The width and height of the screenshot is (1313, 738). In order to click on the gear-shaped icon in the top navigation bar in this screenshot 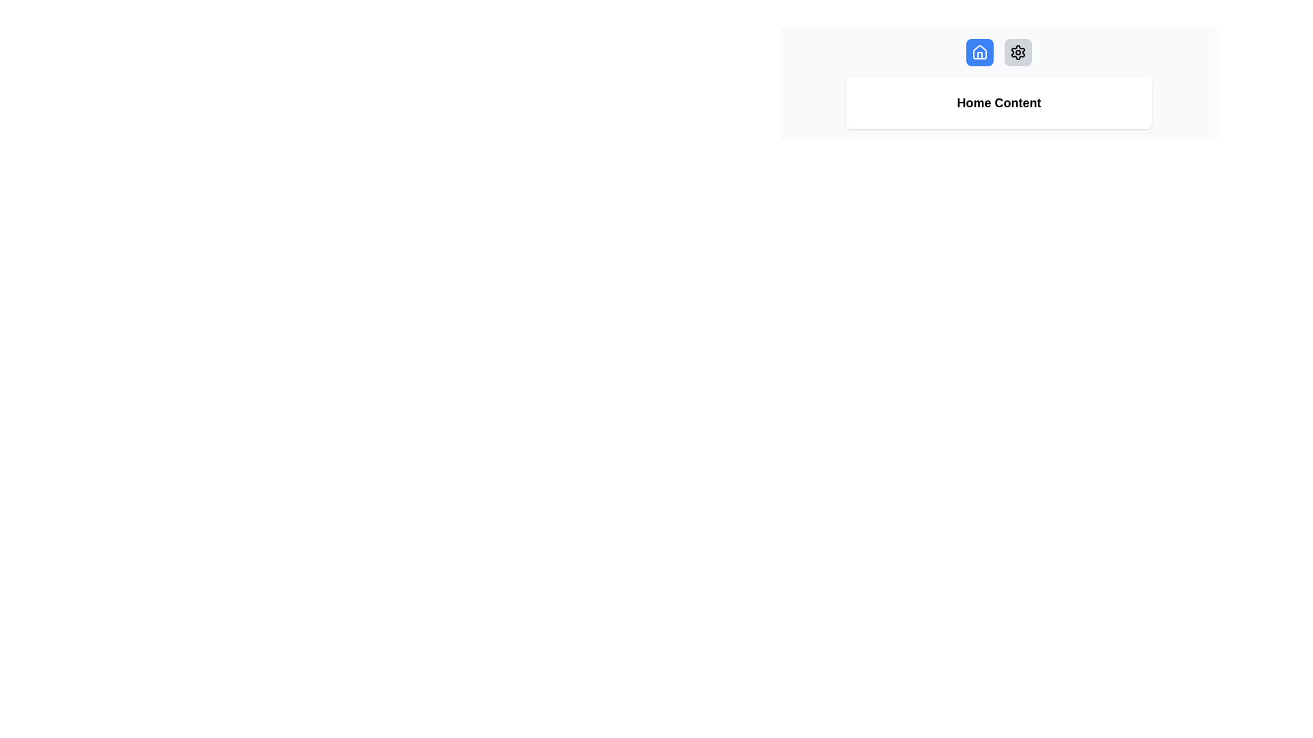, I will do `click(1018, 52)`.